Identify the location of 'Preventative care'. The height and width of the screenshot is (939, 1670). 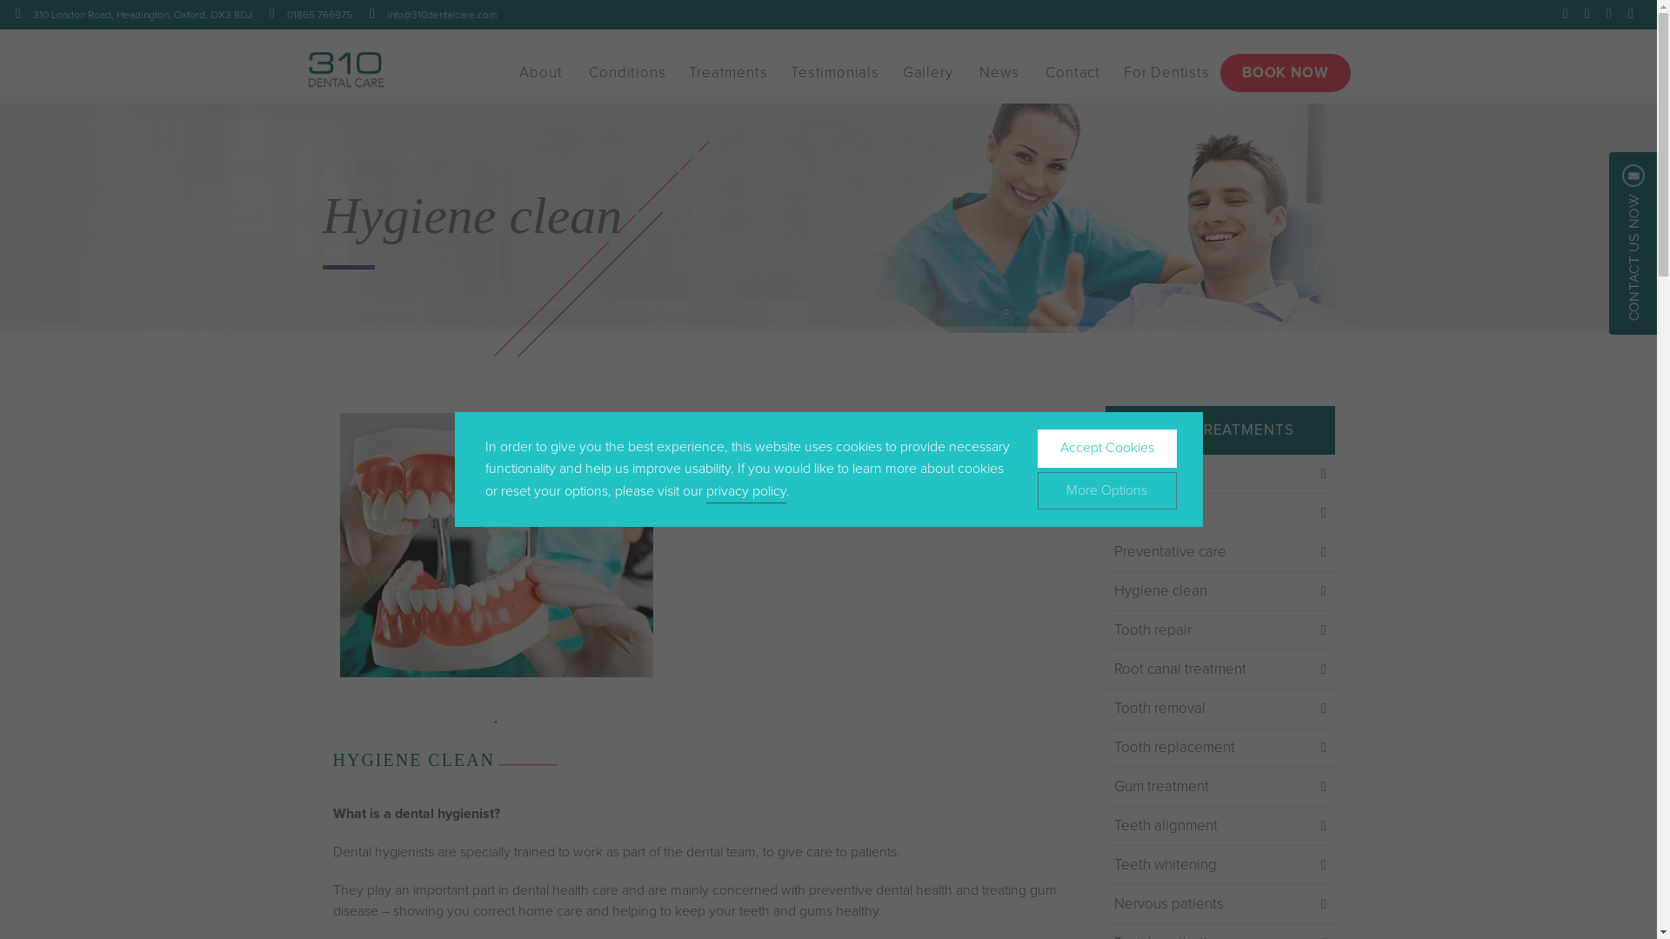
(1218, 552).